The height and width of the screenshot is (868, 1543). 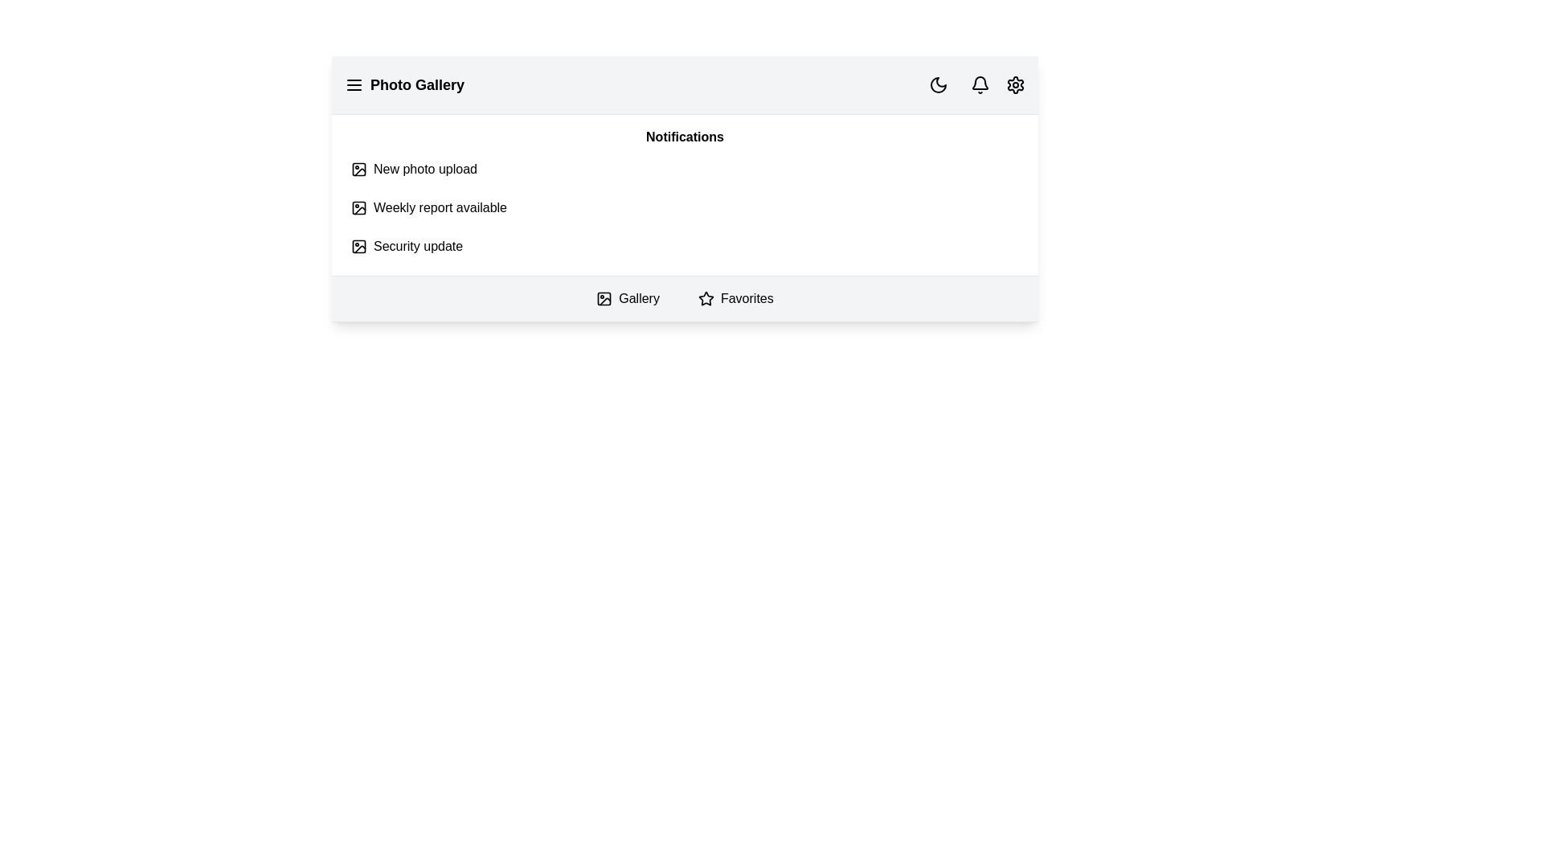 I want to click on the 'Gallery' button in the navigation bar, so click(x=627, y=298).